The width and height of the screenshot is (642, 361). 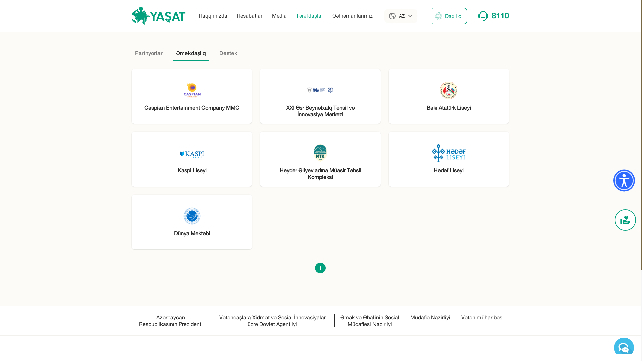 I want to click on 'Partnyorlar', so click(x=148, y=49).